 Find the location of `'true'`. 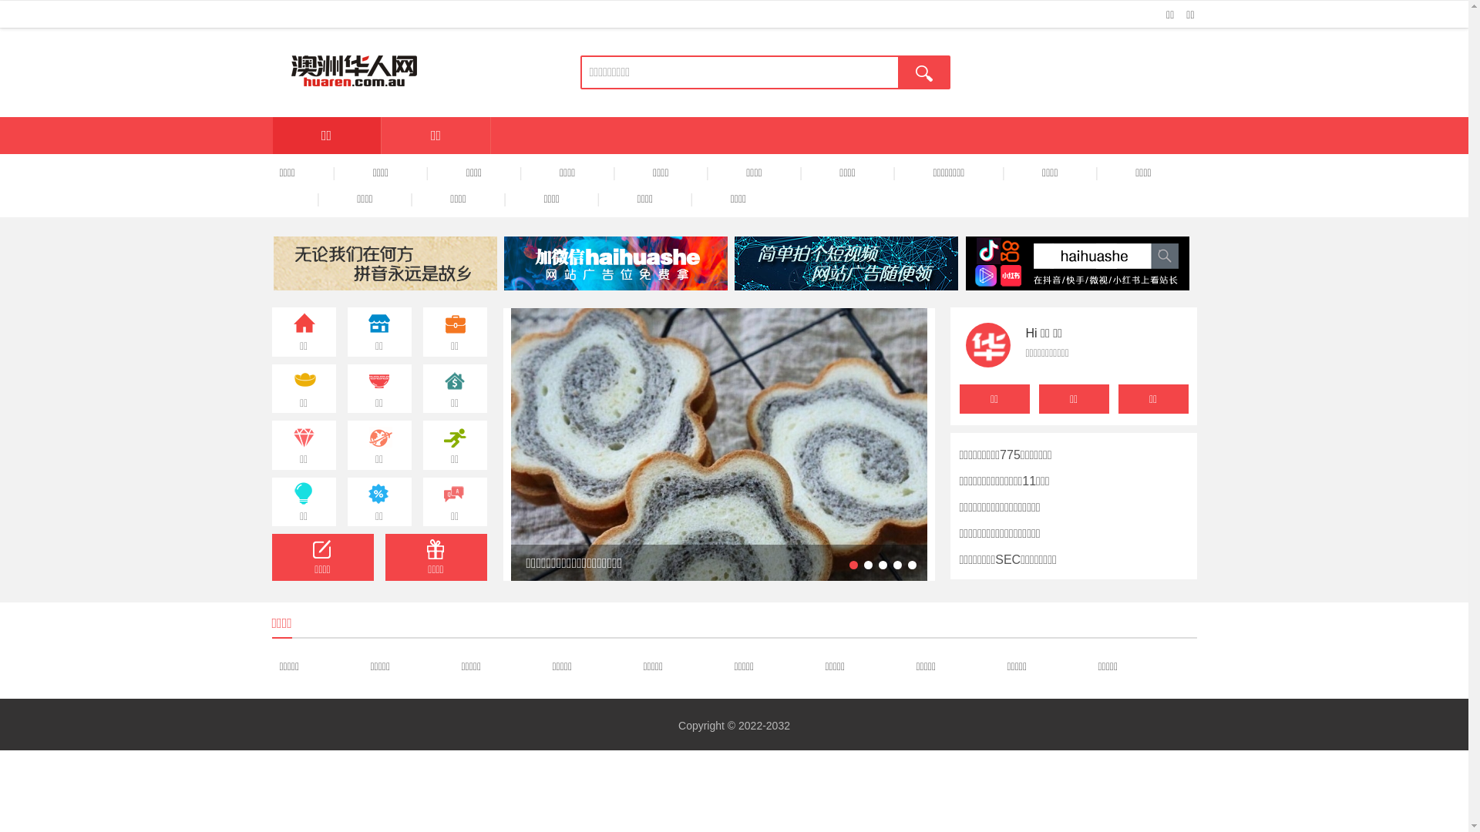

'true' is located at coordinates (924, 72).